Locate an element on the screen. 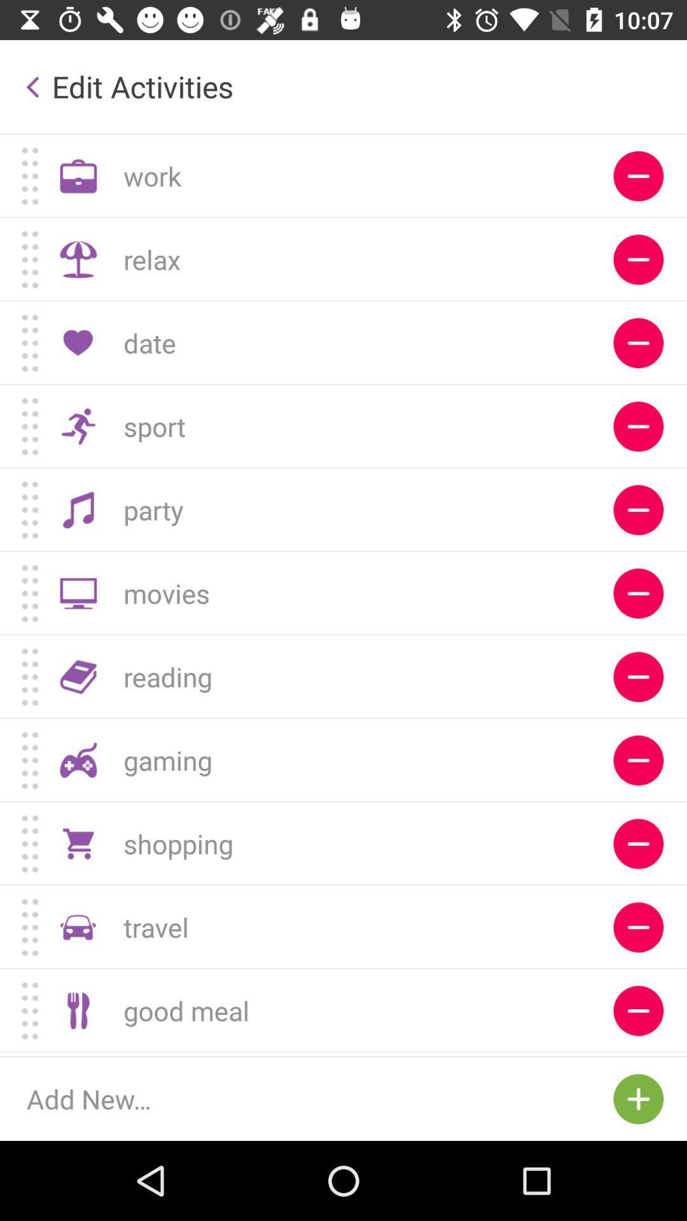 The width and height of the screenshot is (687, 1221). party is located at coordinates (638, 510).